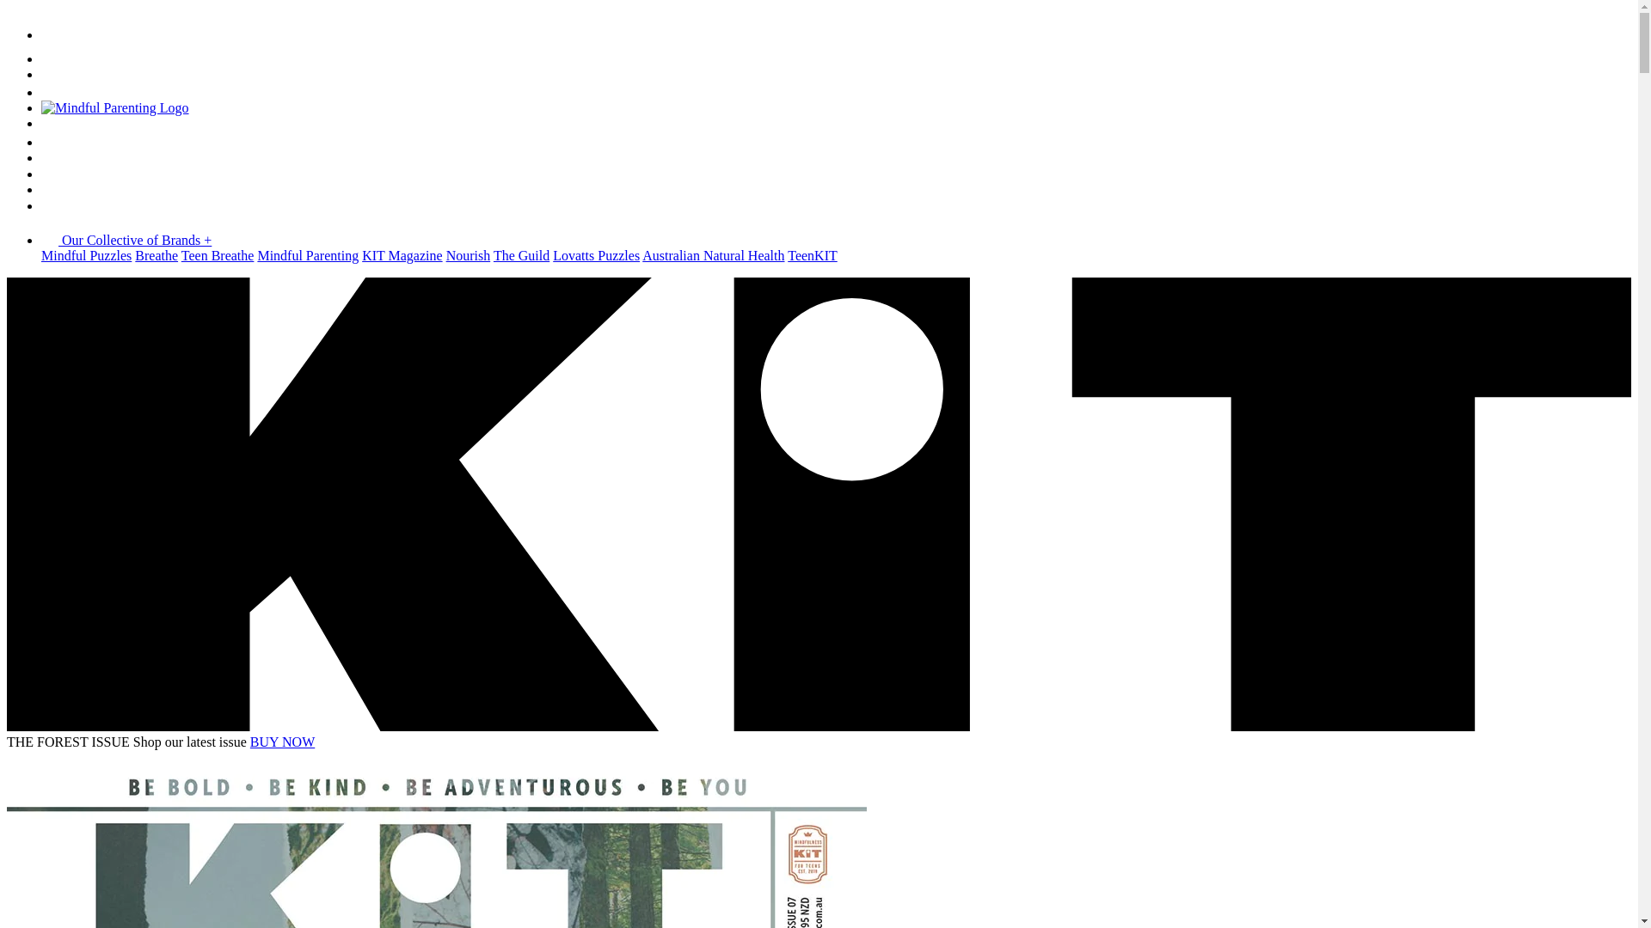 Image resolution: width=1651 pixels, height=928 pixels. I want to click on 'BUY NOW', so click(282, 741).